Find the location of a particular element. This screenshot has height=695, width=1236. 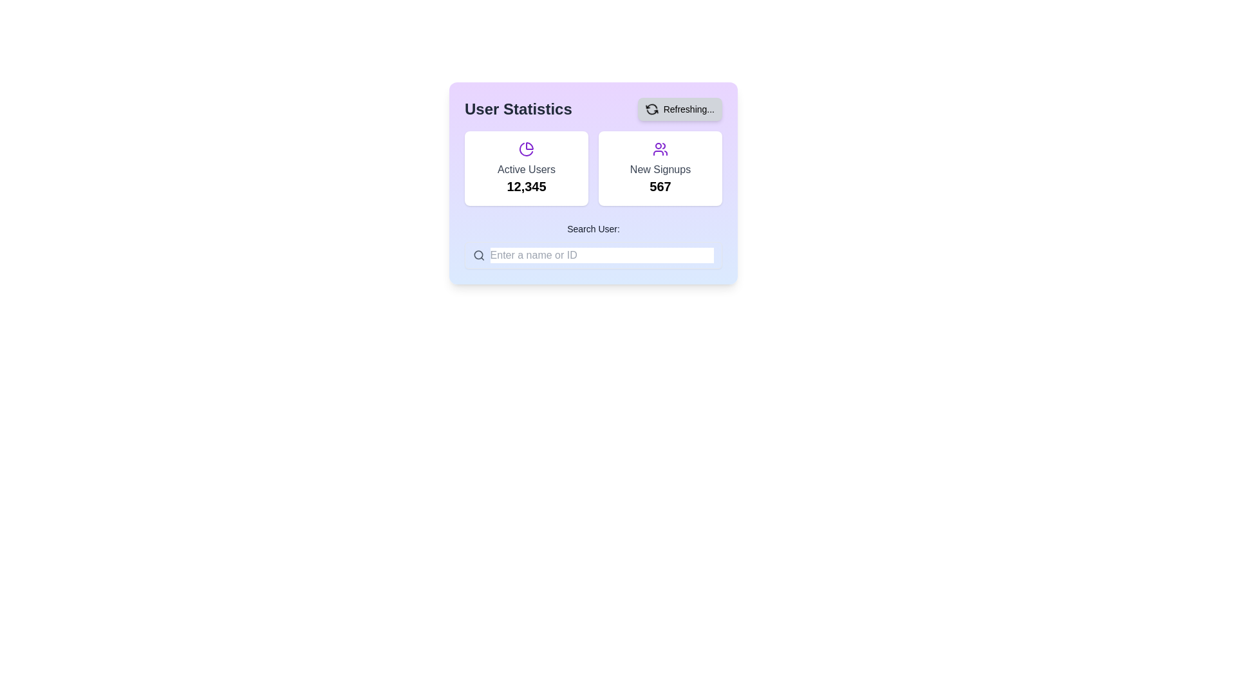

the magnifying glass lens icon located at the center-left of the search bar by clicking to initiate a search action is located at coordinates (478, 255).